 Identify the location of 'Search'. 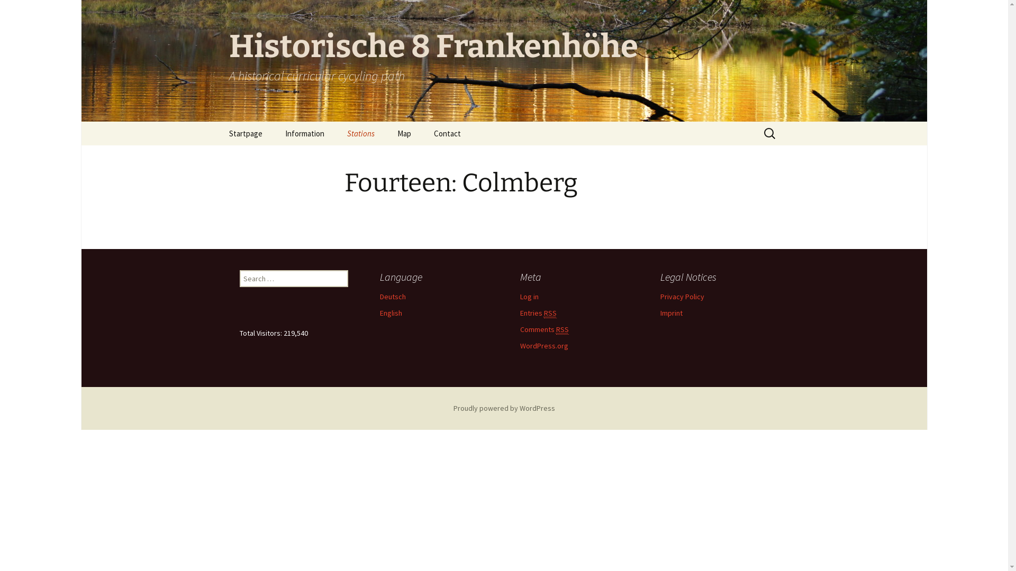
(13, 12).